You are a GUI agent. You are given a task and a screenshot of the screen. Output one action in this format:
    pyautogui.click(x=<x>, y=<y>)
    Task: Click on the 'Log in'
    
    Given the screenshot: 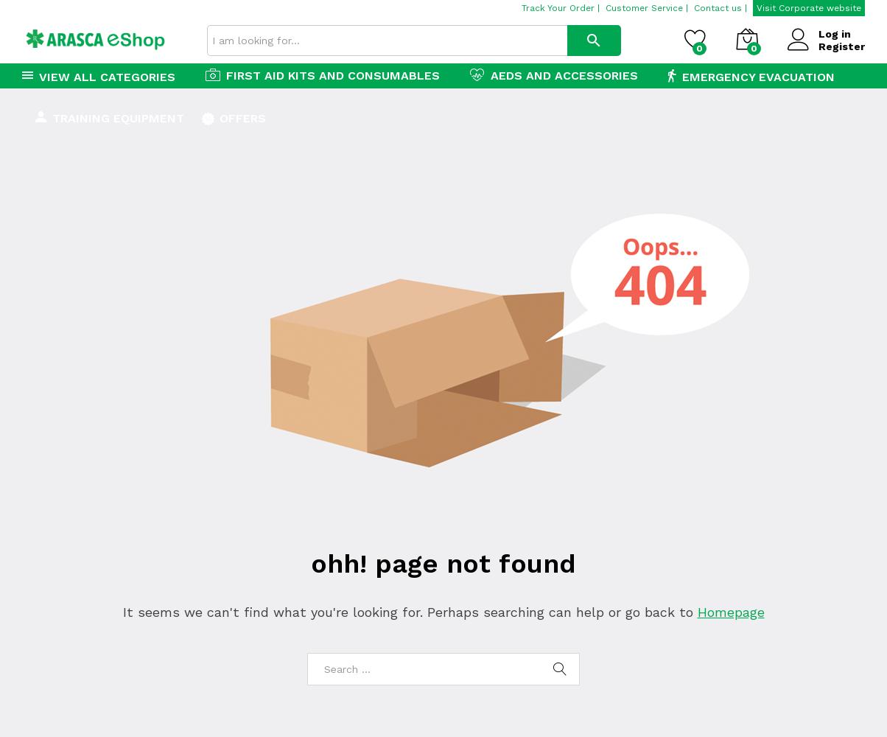 What is the action you would take?
    pyautogui.click(x=834, y=34)
    